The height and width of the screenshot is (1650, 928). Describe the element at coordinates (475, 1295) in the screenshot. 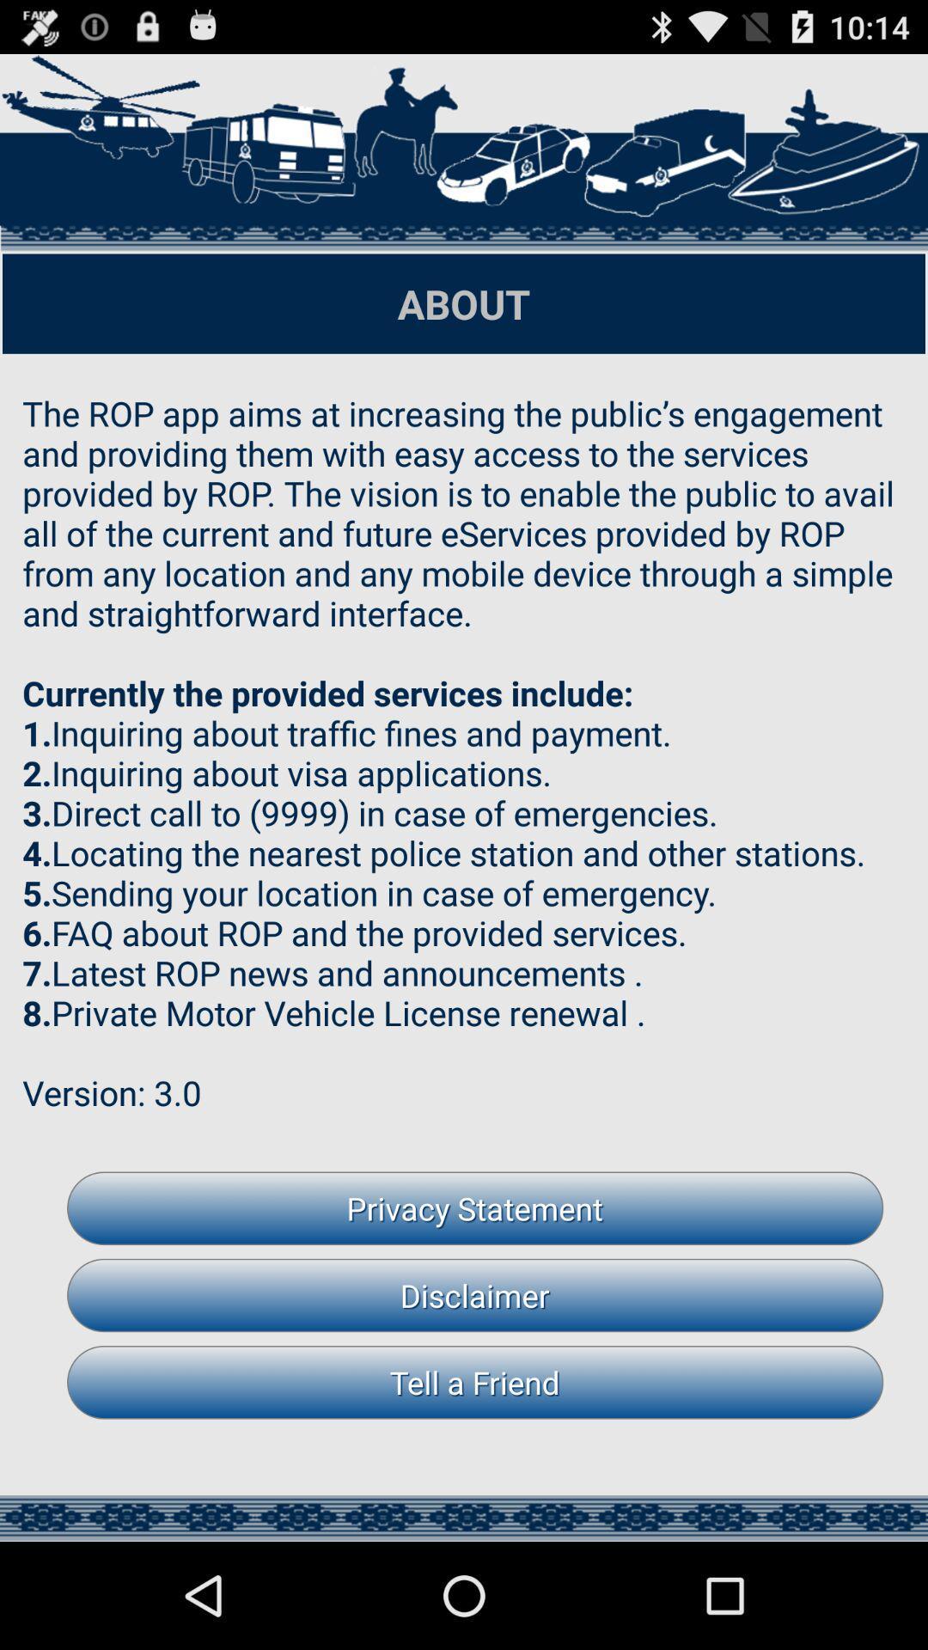

I see `the disclaimer` at that location.